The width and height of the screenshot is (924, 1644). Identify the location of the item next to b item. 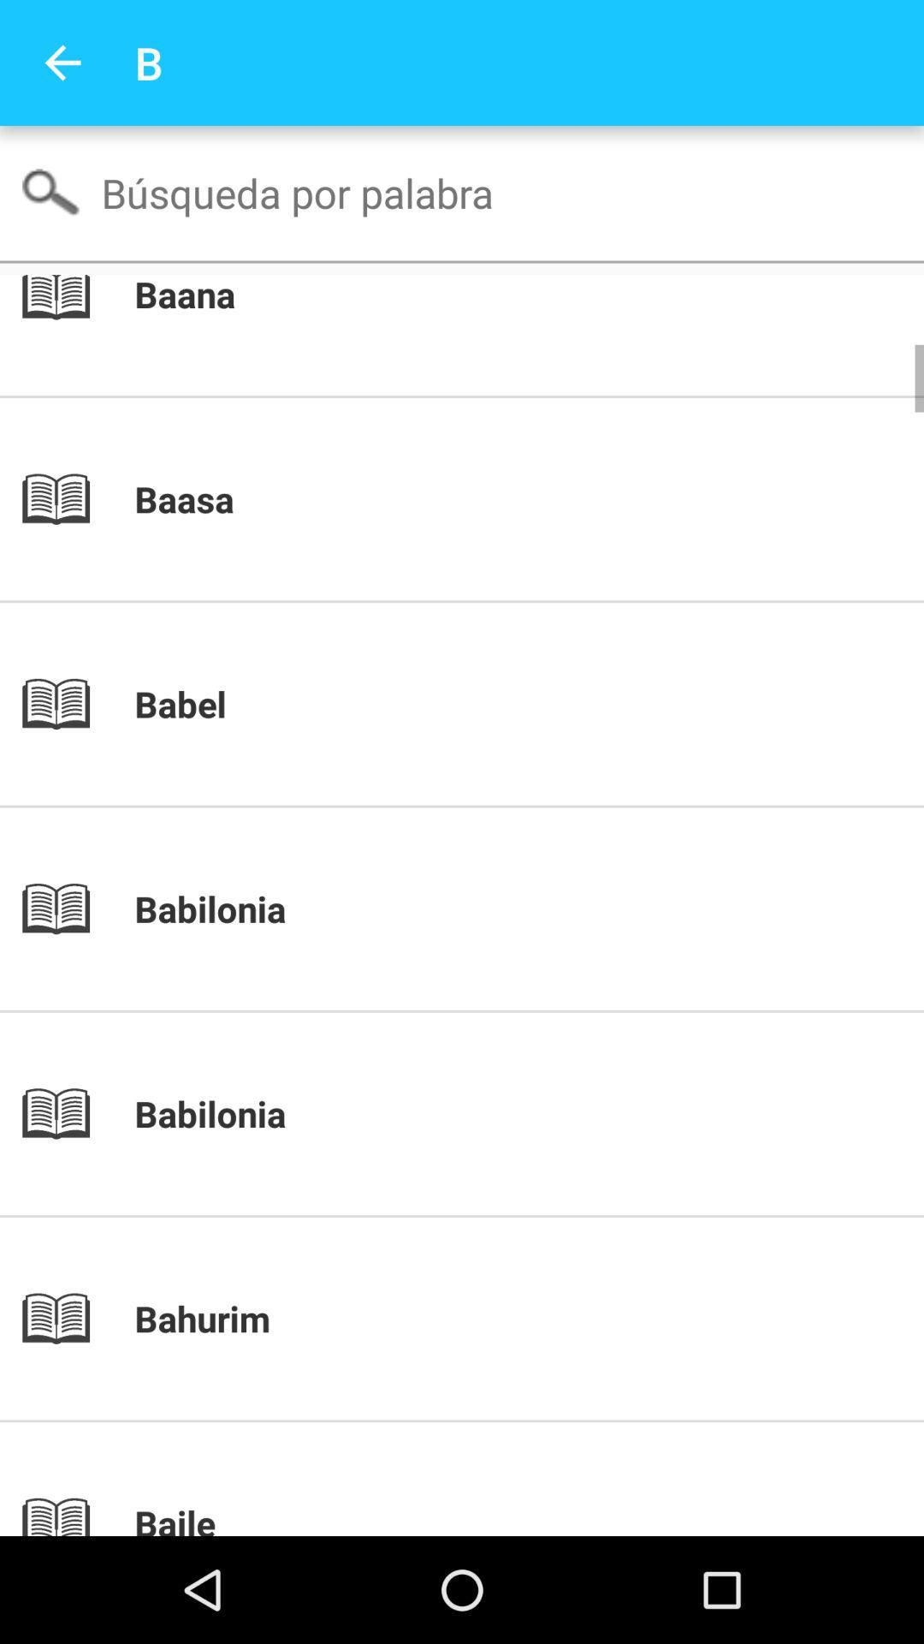
(62, 63).